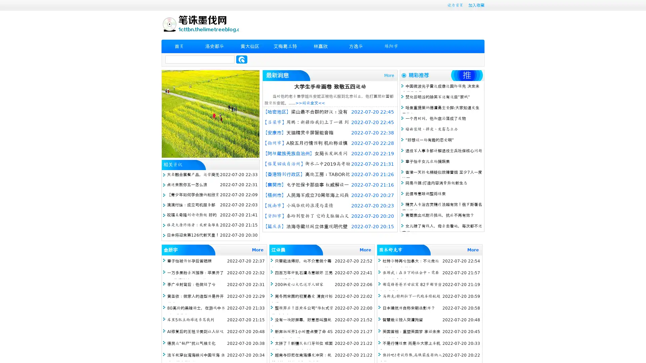 The image size is (646, 363). What do you see at coordinates (242, 59) in the screenshot?
I see `Search` at bounding box center [242, 59].